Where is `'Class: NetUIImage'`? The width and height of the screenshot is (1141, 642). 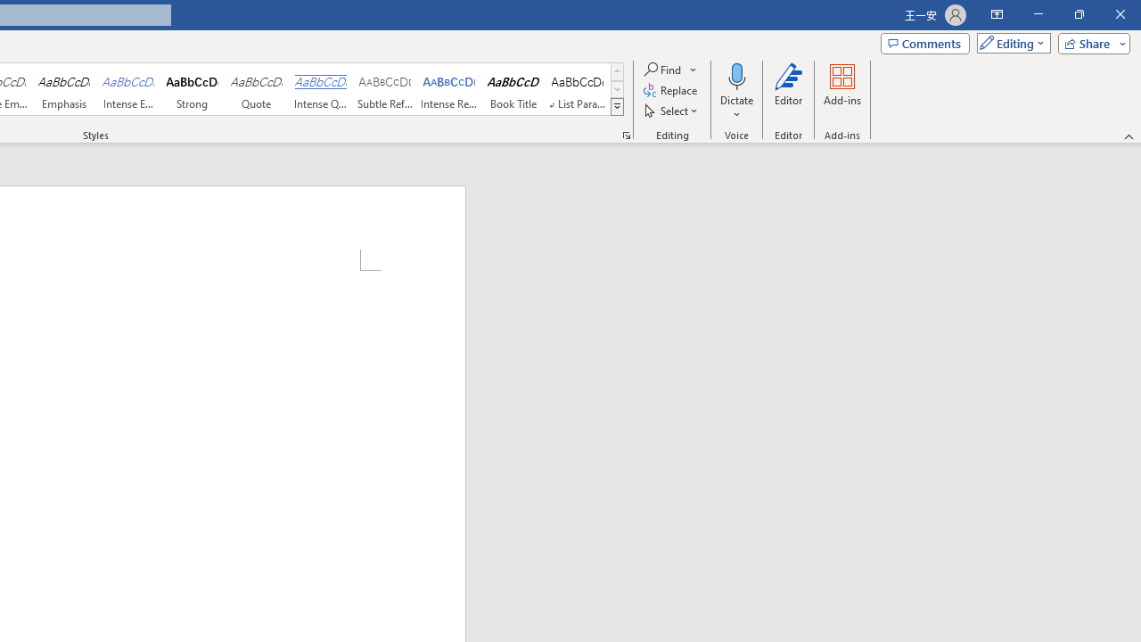 'Class: NetUIImage' is located at coordinates (618, 106).